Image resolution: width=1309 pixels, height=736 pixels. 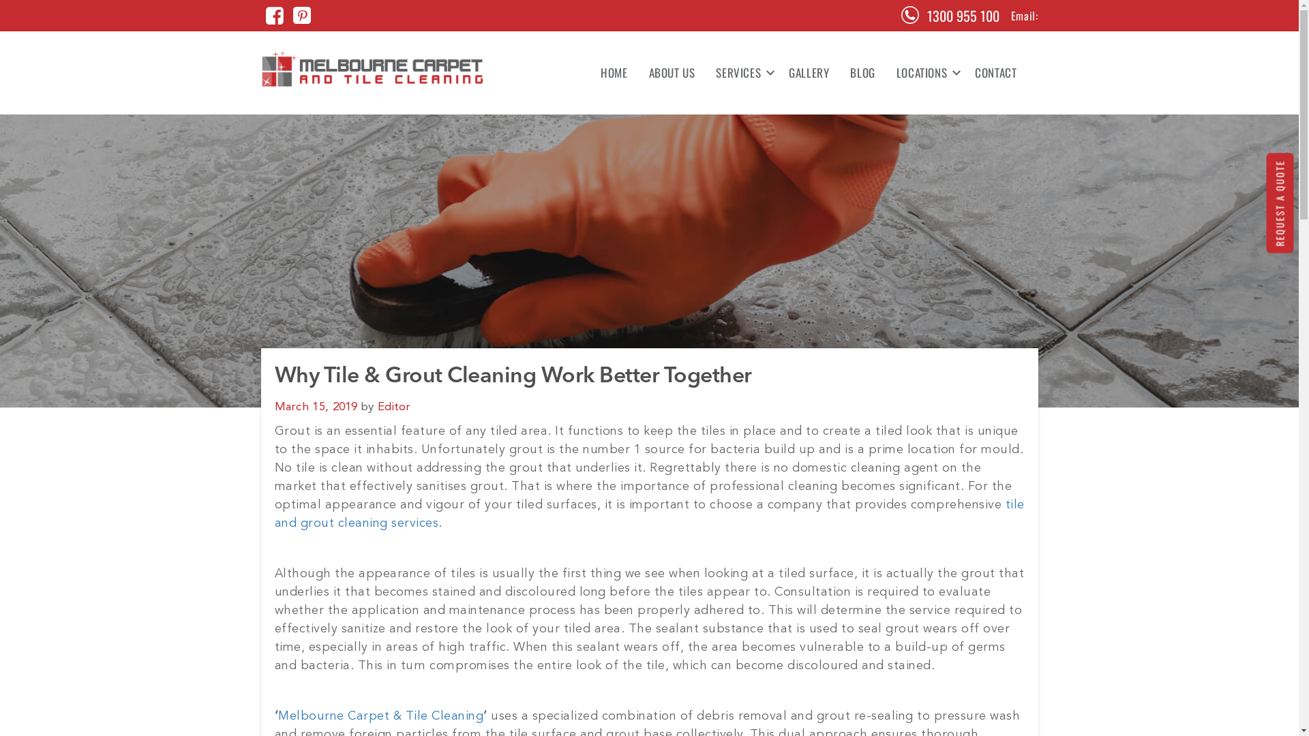 What do you see at coordinates (741, 73) in the screenshot?
I see `'SERVICES'` at bounding box center [741, 73].